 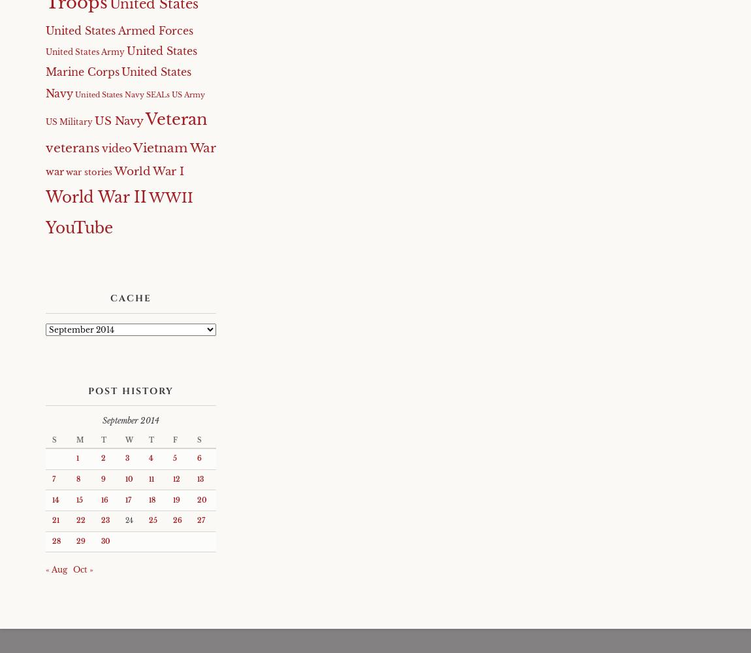 I want to click on '15', so click(x=75, y=499).